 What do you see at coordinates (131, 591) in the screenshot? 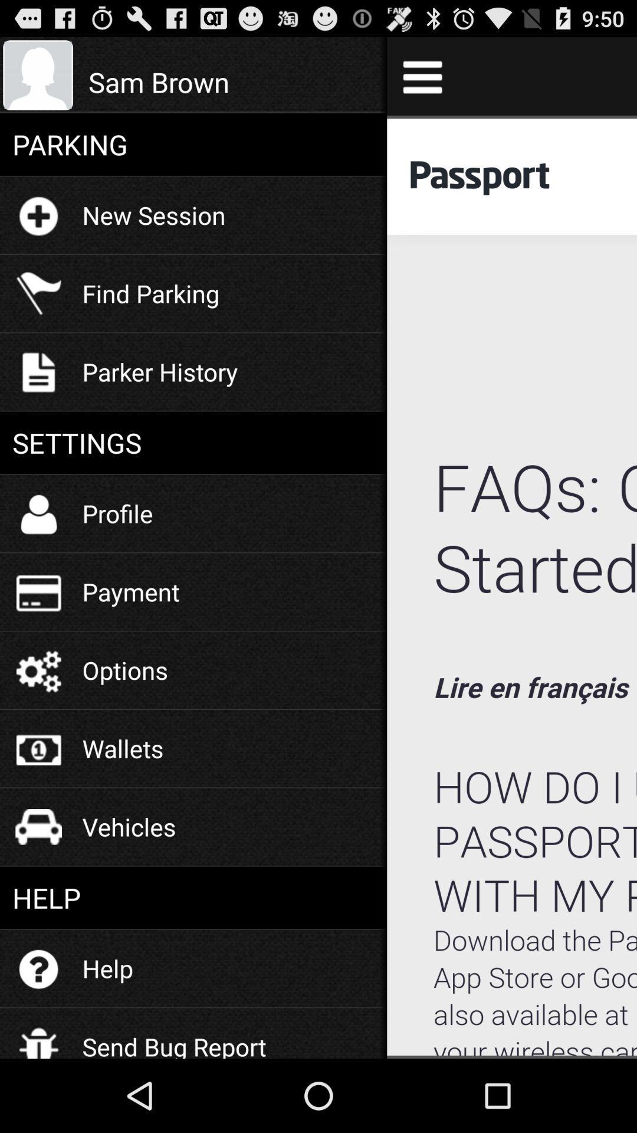
I see `item above the options` at bounding box center [131, 591].